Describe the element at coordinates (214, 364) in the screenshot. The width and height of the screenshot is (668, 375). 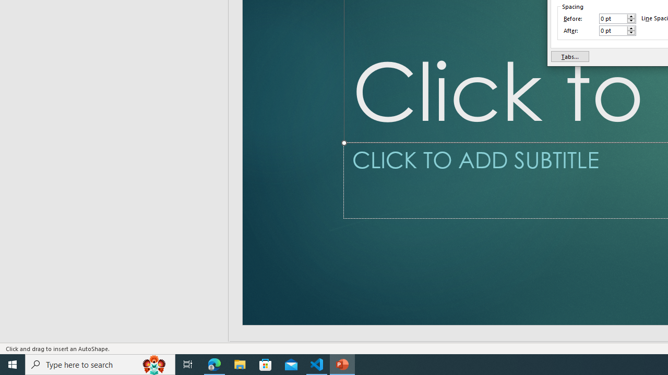
I see `'Microsoft Edge - 1 running window'` at that location.